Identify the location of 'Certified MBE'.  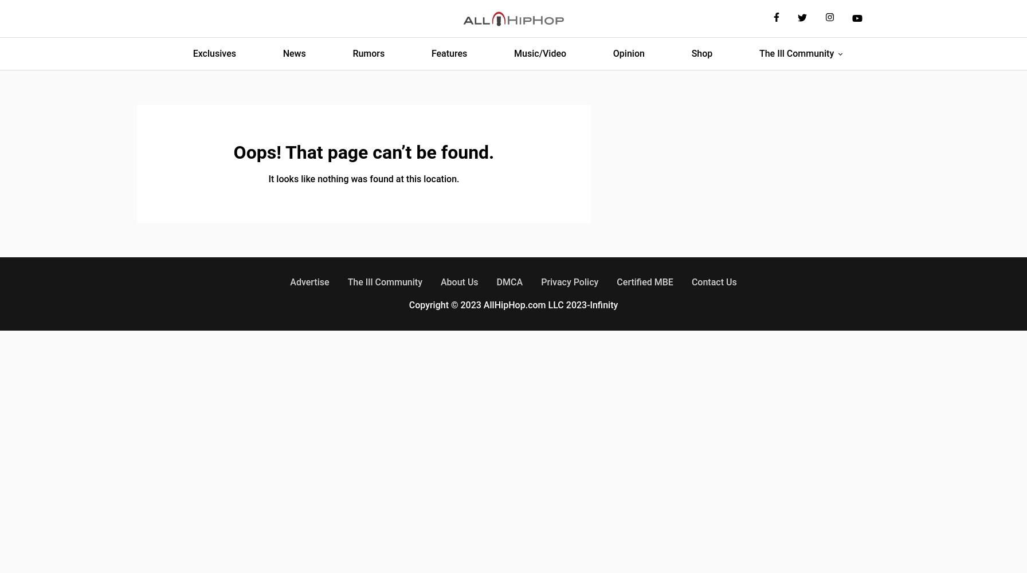
(645, 281).